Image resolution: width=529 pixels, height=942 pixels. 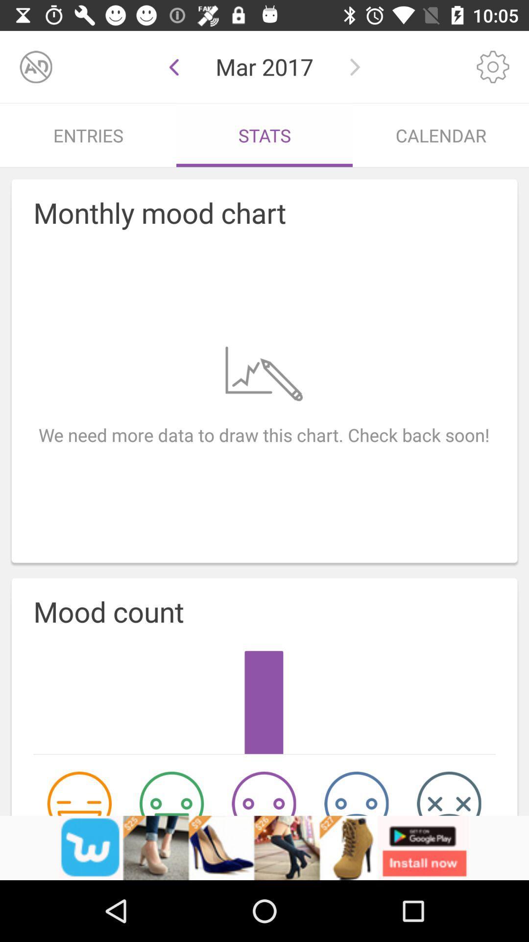 What do you see at coordinates (173, 66) in the screenshot?
I see `the arrow_backward icon` at bounding box center [173, 66].